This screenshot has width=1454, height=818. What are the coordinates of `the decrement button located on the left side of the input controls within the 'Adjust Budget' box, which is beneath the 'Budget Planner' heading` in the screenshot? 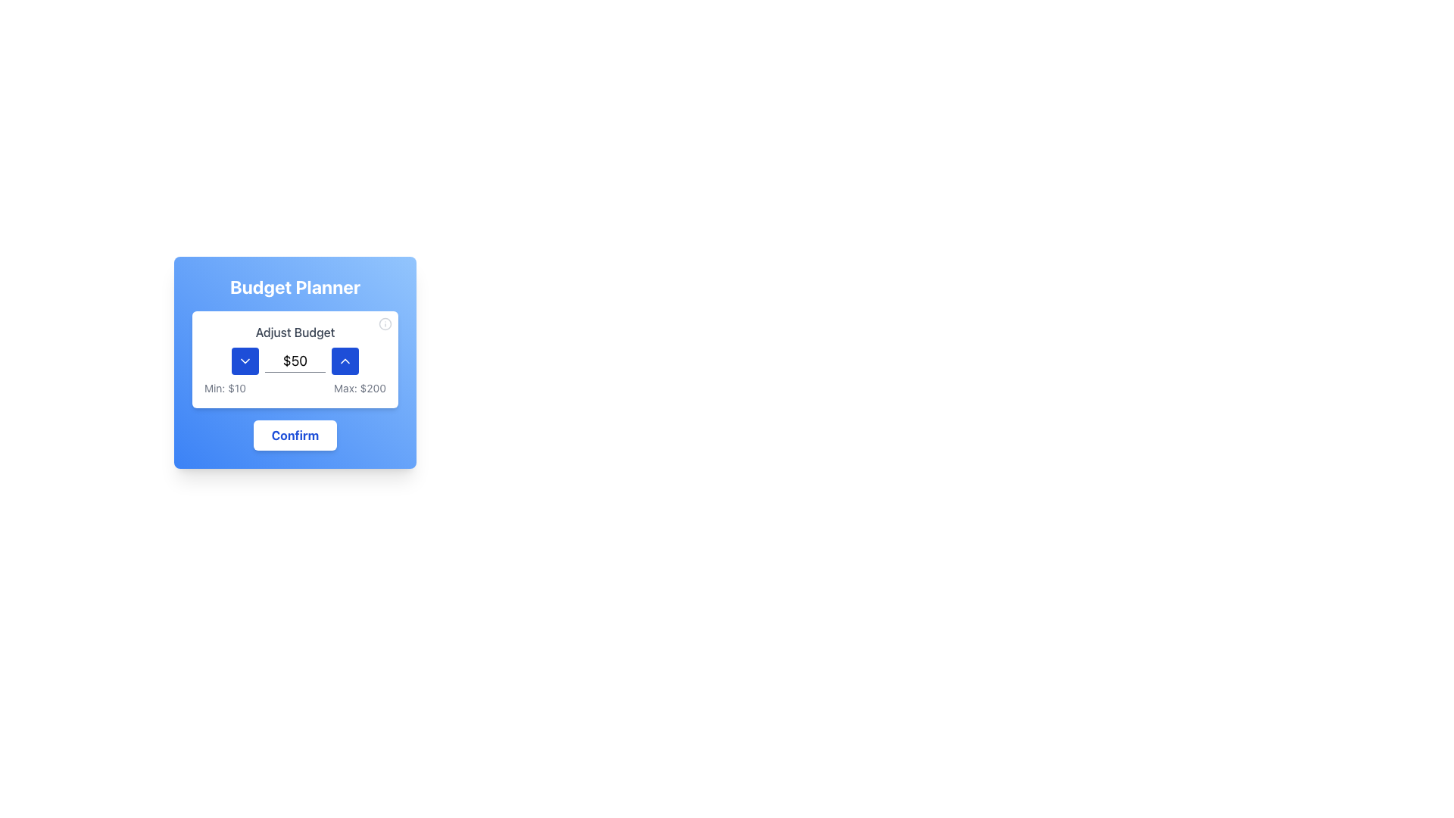 It's located at (245, 361).